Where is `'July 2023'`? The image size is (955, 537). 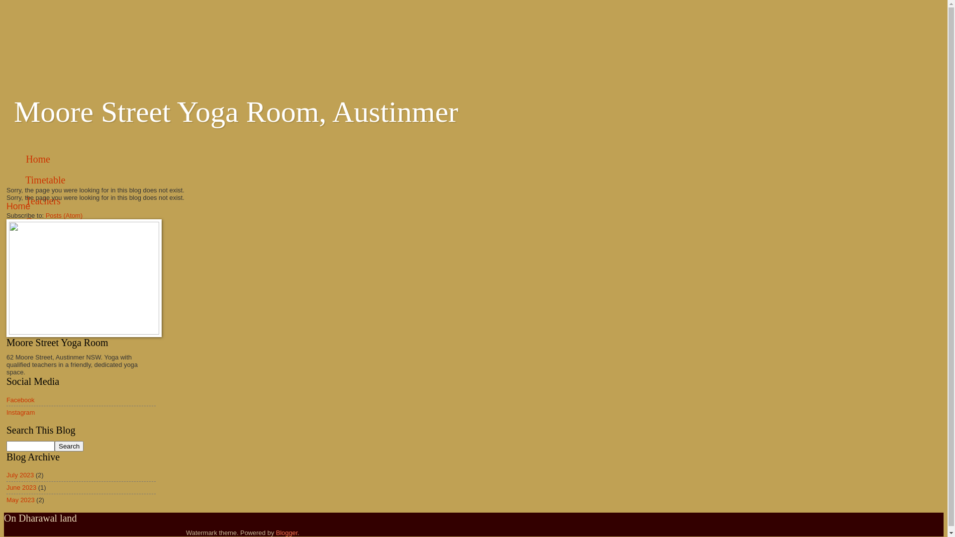 'July 2023' is located at coordinates (20, 474).